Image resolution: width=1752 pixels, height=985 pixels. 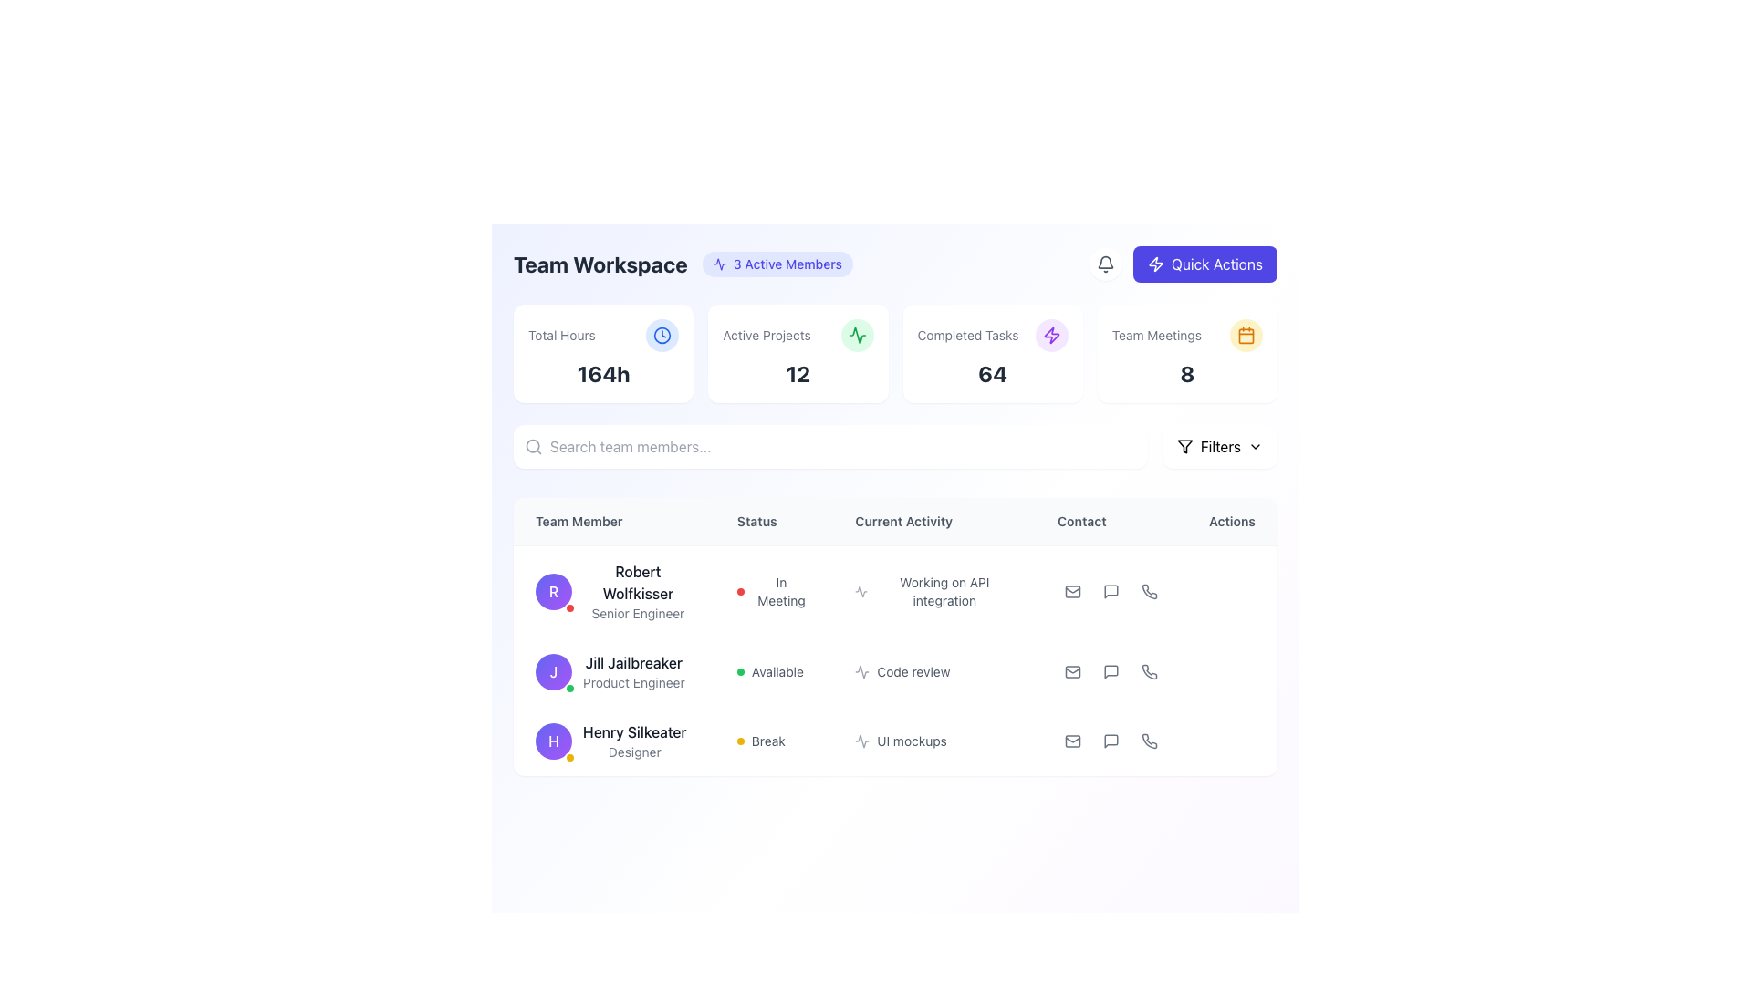 What do you see at coordinates (774, 671) in the screenshot?
I see `the 'Available' text label next to the green circular status indicator in the row for 'Jill Jailbreaker'` at bounding box center [774, 671].